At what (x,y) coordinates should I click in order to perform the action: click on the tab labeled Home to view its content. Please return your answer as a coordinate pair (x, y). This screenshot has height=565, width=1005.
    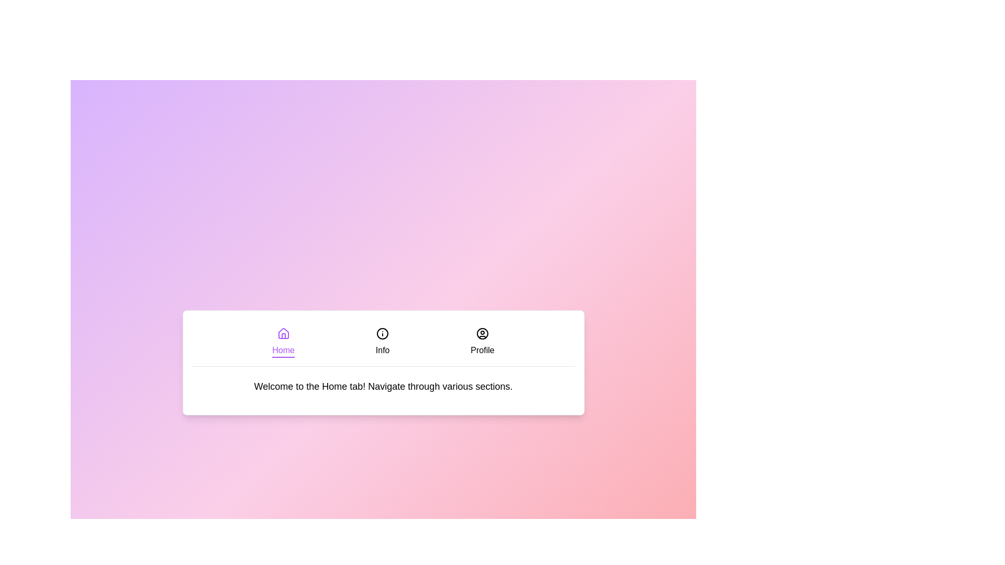
    Looking at the image, I should click on (283, 342).